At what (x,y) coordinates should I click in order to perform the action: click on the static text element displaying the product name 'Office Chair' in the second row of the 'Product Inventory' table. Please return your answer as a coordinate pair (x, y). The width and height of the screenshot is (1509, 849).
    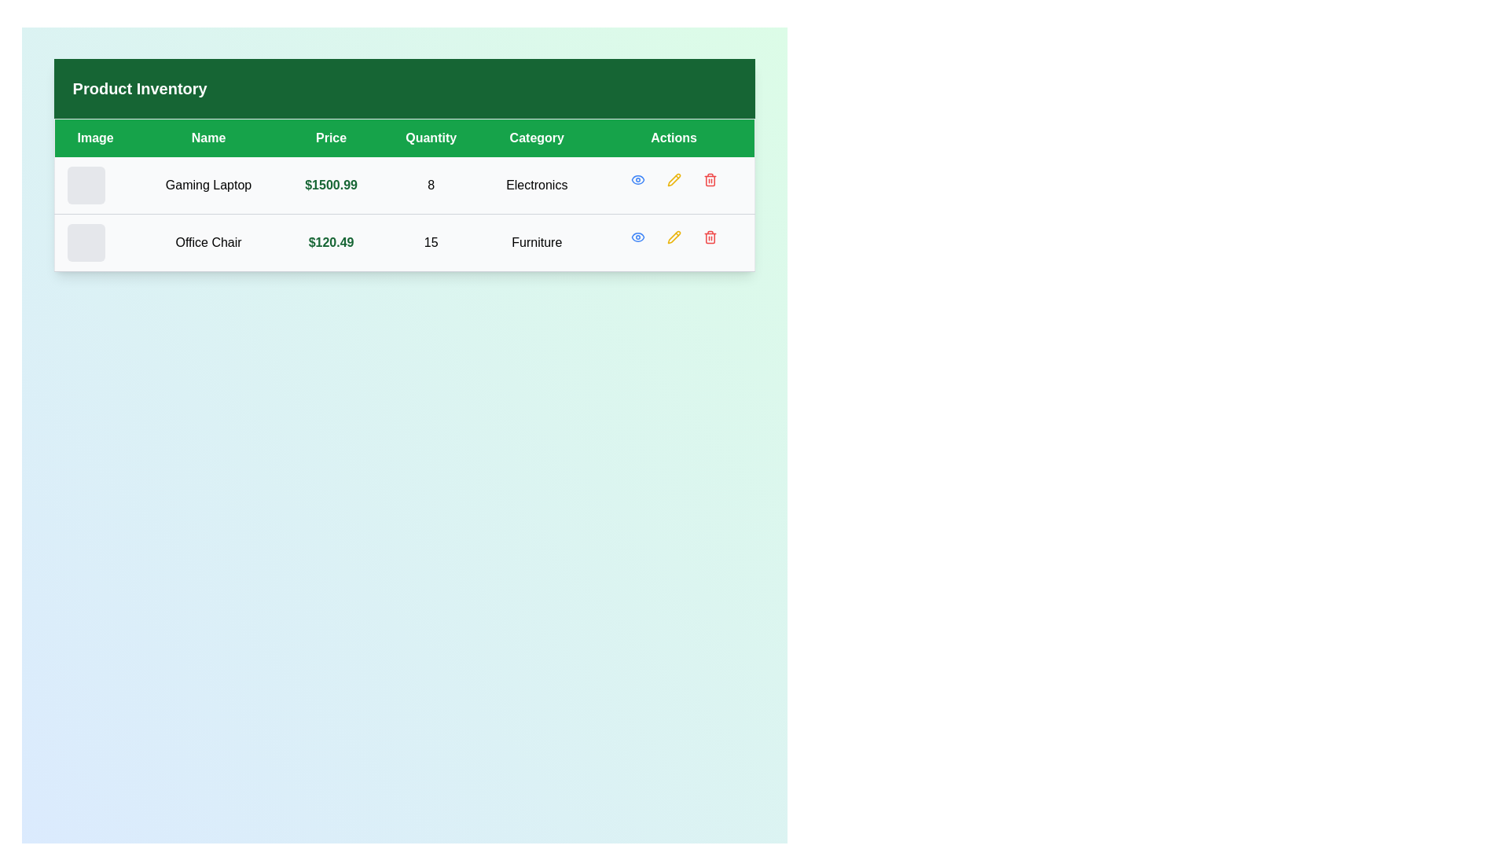
    Looking at the image, I should click on (207, 242).